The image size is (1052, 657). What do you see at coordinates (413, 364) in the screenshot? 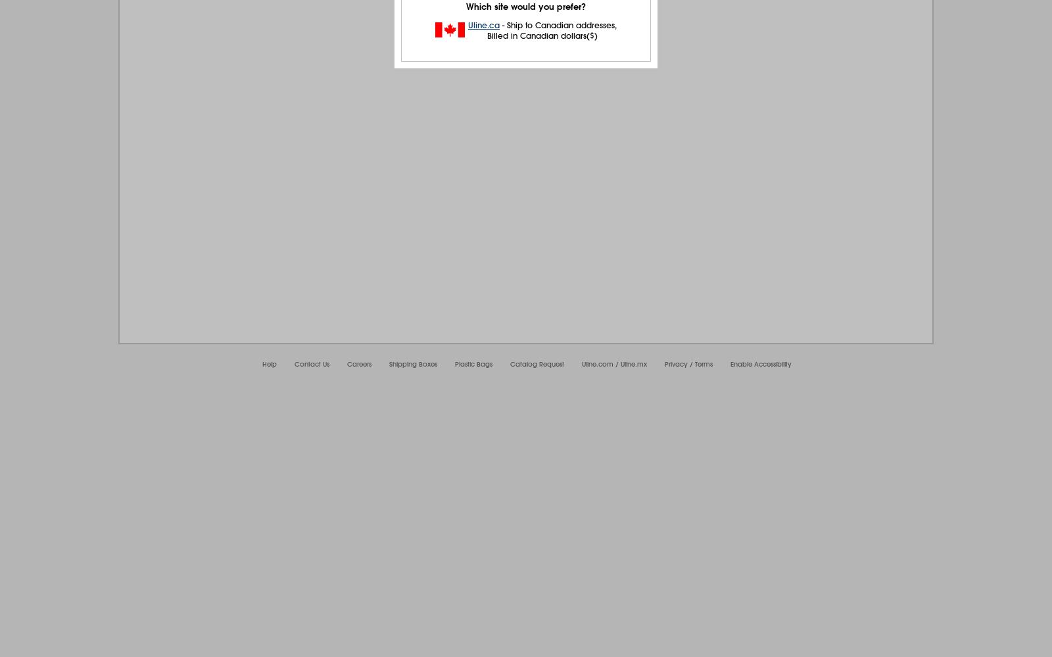
I see `'Shipping Boxes'` at bounding box center [413, 364].